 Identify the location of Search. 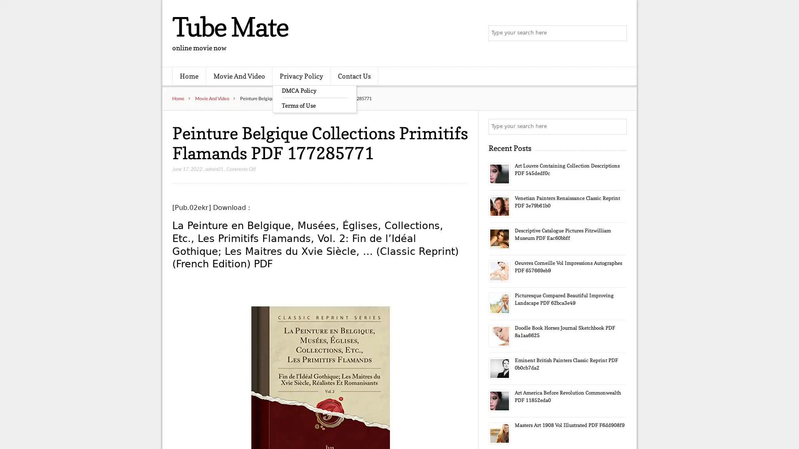
(618, 126).